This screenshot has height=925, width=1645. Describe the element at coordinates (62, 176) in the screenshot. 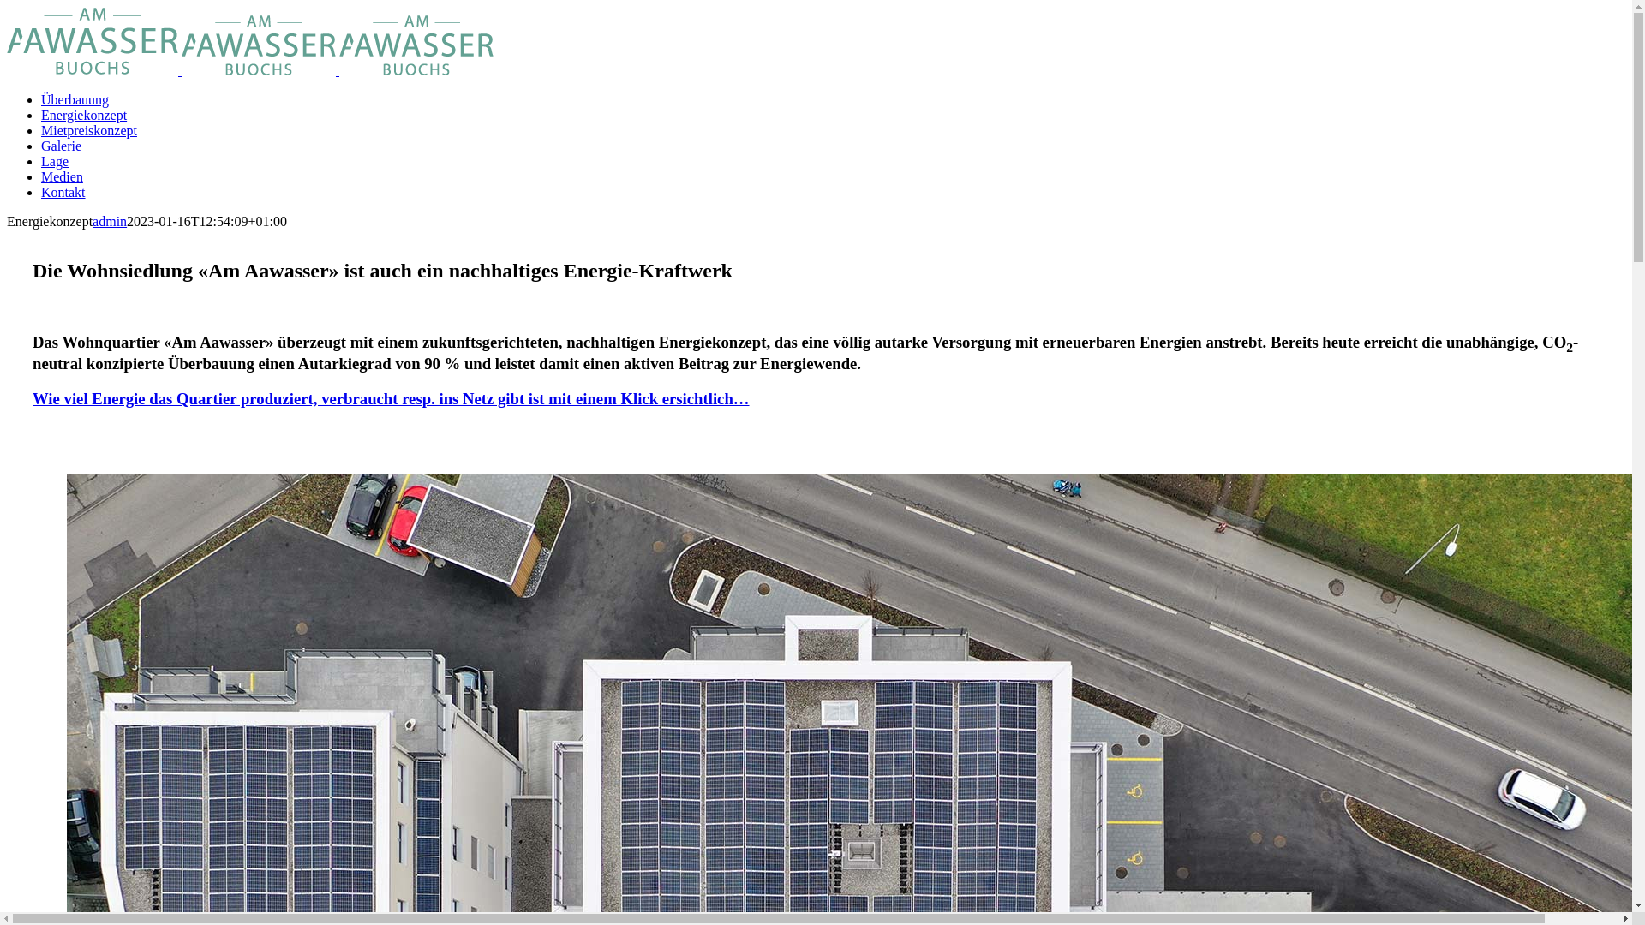

I see `'Medien'` at that location.